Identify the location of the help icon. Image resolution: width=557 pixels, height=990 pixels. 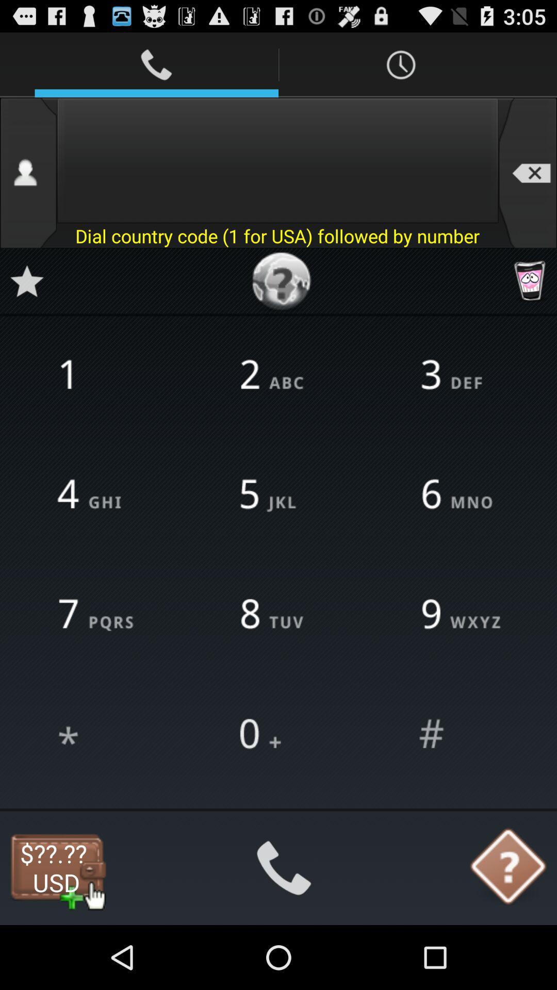
(281, 300).